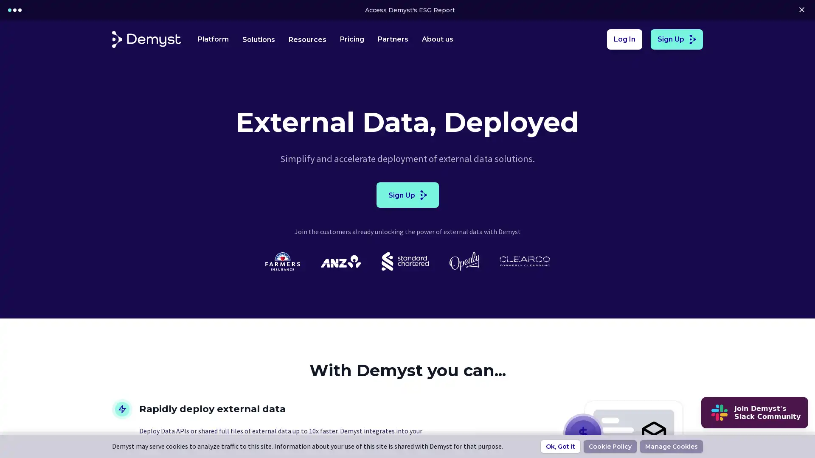 The image size is (815, 458). Describe the element at coordinates (801, 10) in the screenshot. I see `Close banner` at that location.